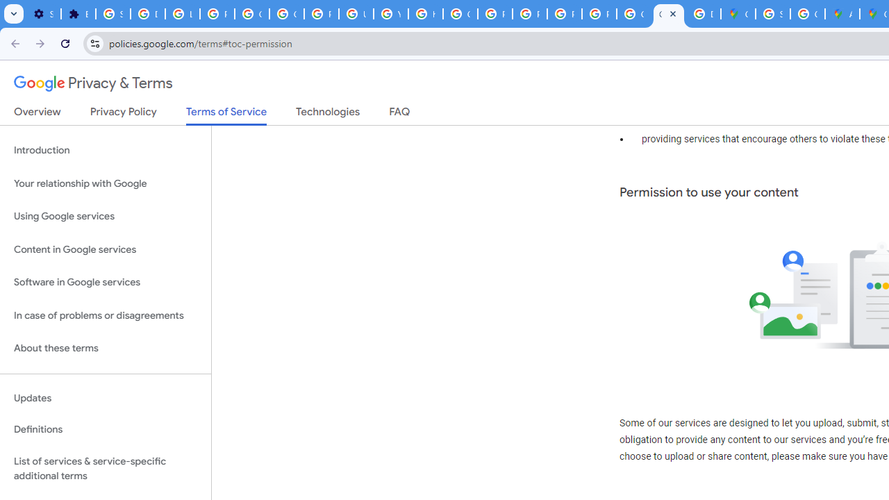 This screenshot has height=500, width=889. Describe the element at coordinates (807, 14) in the screenshot. I see `'Create your Google Account'` at that location.